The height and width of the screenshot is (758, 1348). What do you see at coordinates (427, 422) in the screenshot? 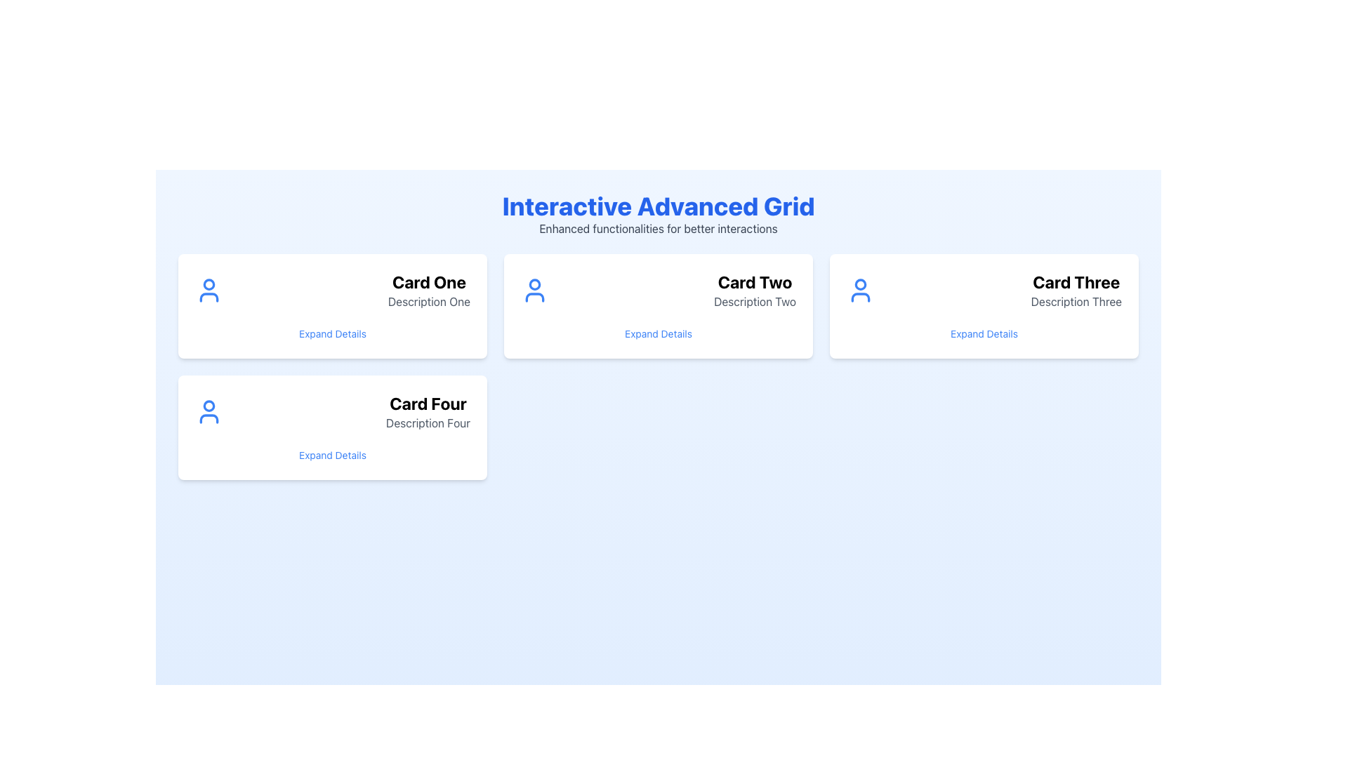
I see `the text label styled in gray color containing the text 'Description Four', located below the title 'Card Four' in the card layout` at bounding box center [427, 422].